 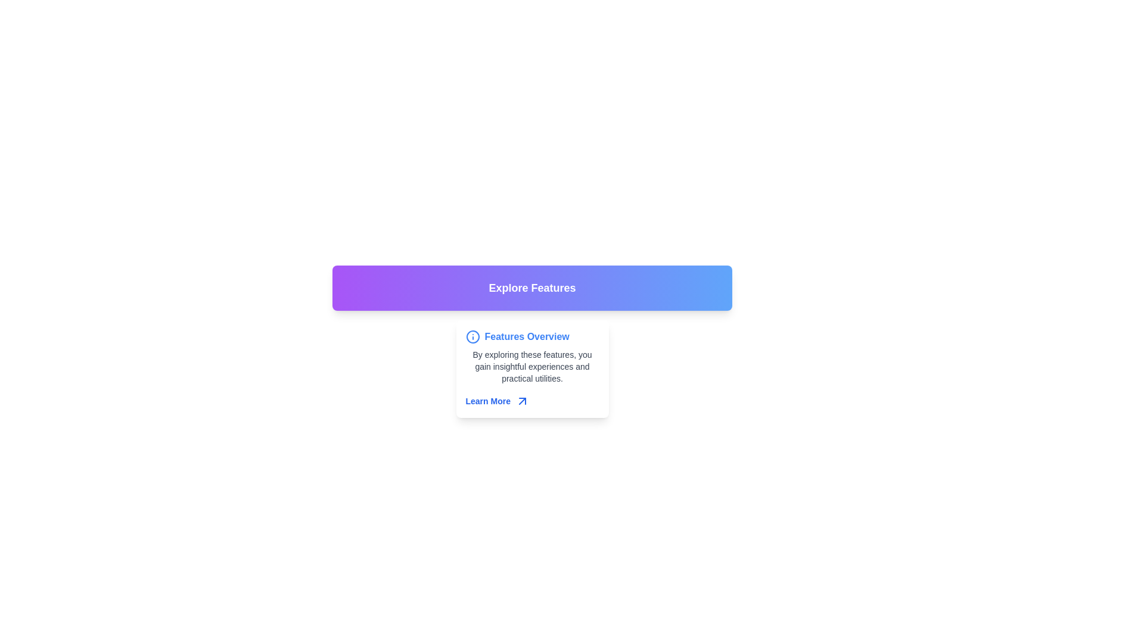 What do you see at coordinates (531, 366) in the screenshot?
I see `the descriptive Text component in the 'Features Overview' section, located below the main heading and above the 'Learn More' link` at bounding box center [531, 366].